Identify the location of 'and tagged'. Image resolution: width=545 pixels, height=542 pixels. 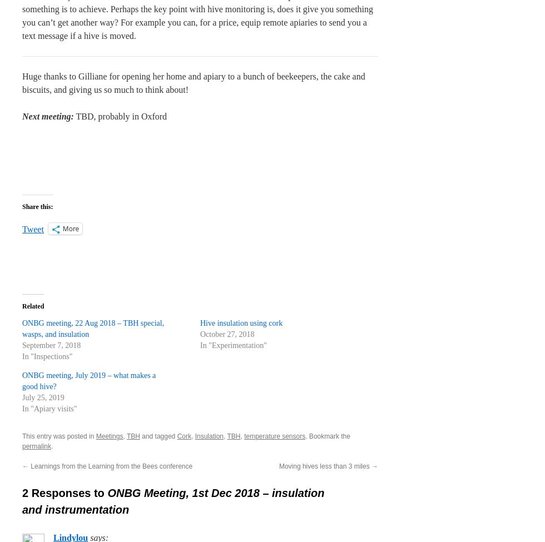
(158, 436).